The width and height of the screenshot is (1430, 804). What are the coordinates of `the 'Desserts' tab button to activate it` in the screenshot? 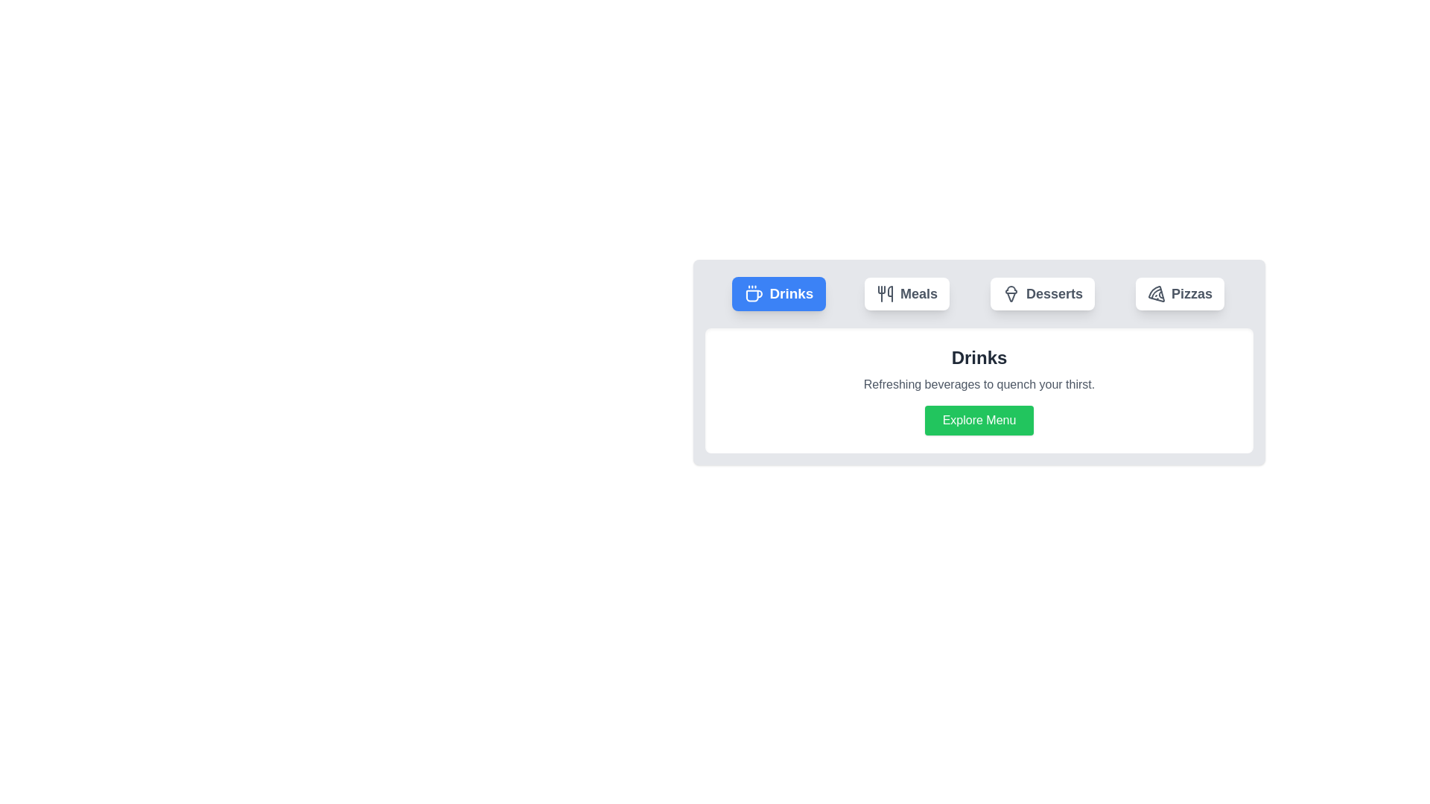 It's located at (1042, 293).